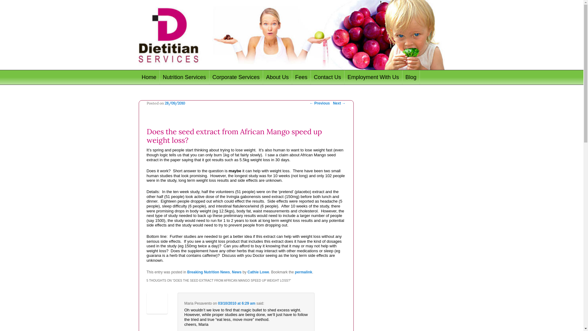  Describe the element at coordinates (411, 77) in the screenshot. I see `'Blog'` at that location.